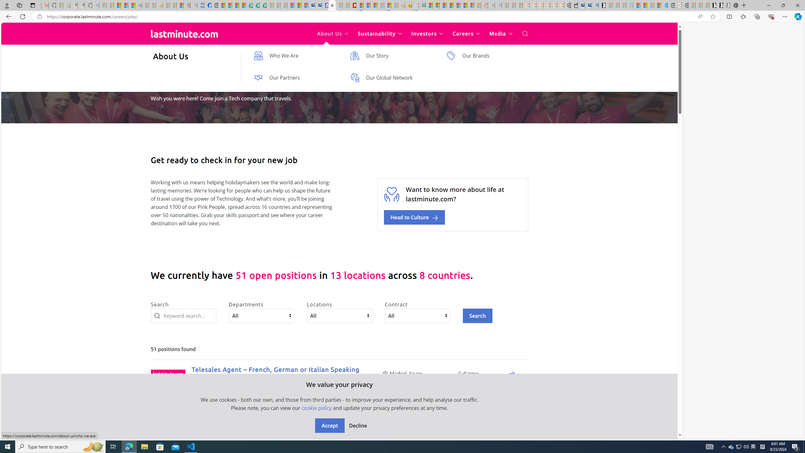  What do you see at coordinates (187, 5) in the screenshot?
I see `'Robert H. Shmerling, MD - Harvard Health - Sleeping'` at bounding box center [187, 5].